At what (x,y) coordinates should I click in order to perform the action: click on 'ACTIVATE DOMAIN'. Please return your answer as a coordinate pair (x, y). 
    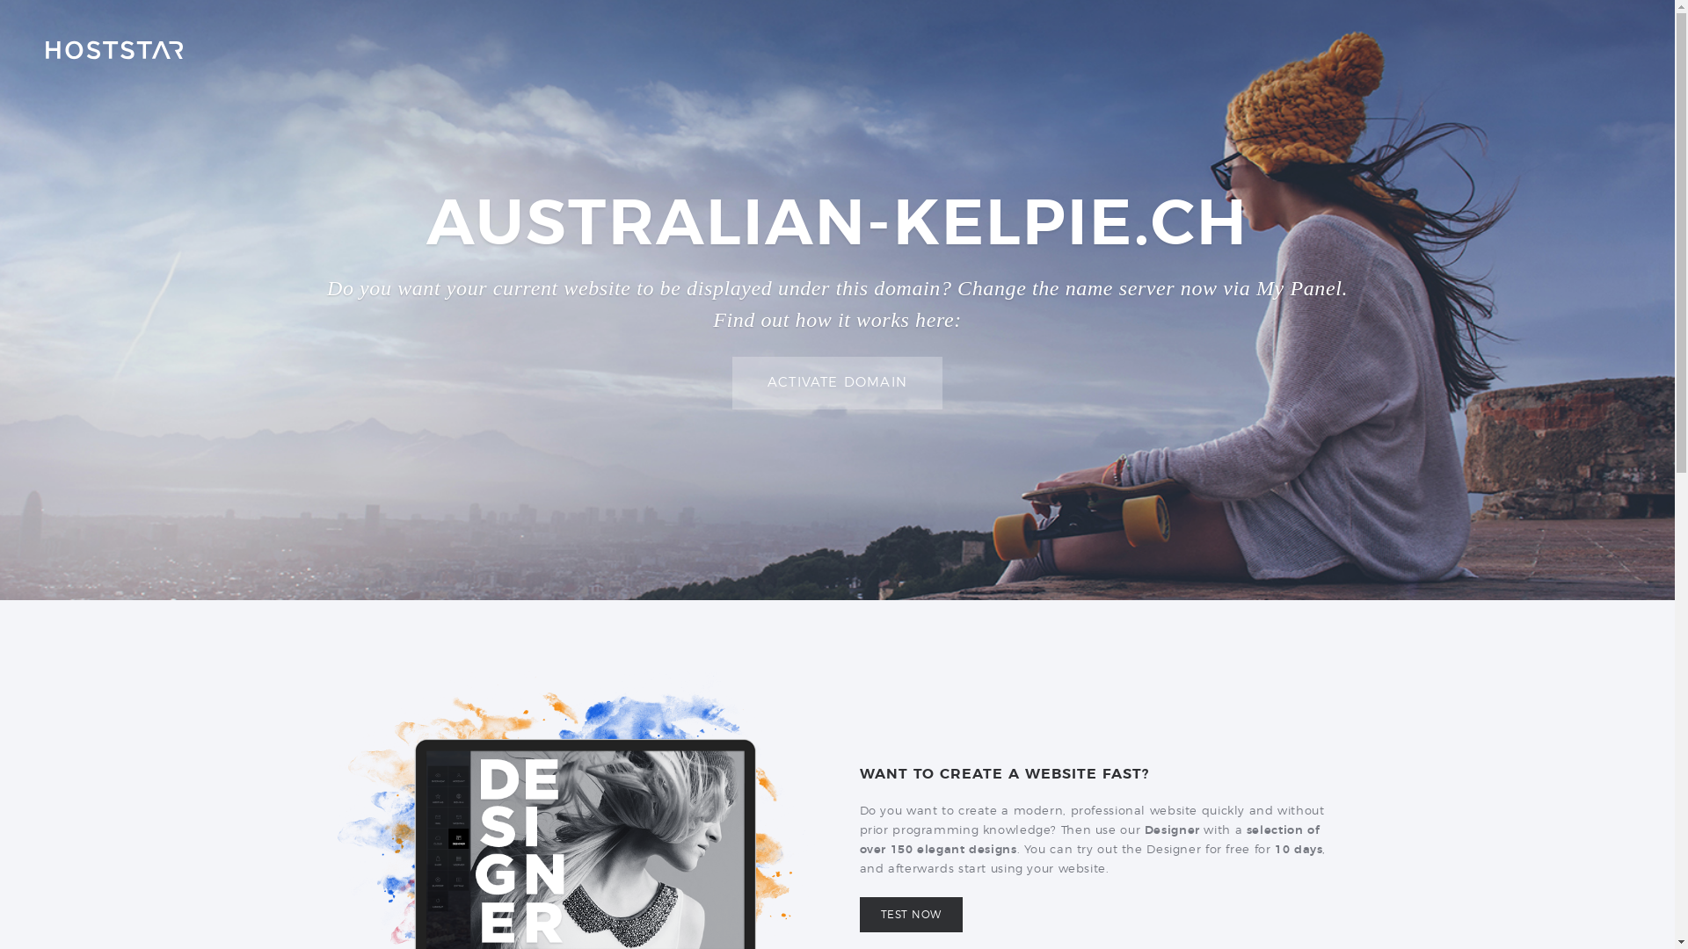
    Looking at the image, I should click on (836, 381).